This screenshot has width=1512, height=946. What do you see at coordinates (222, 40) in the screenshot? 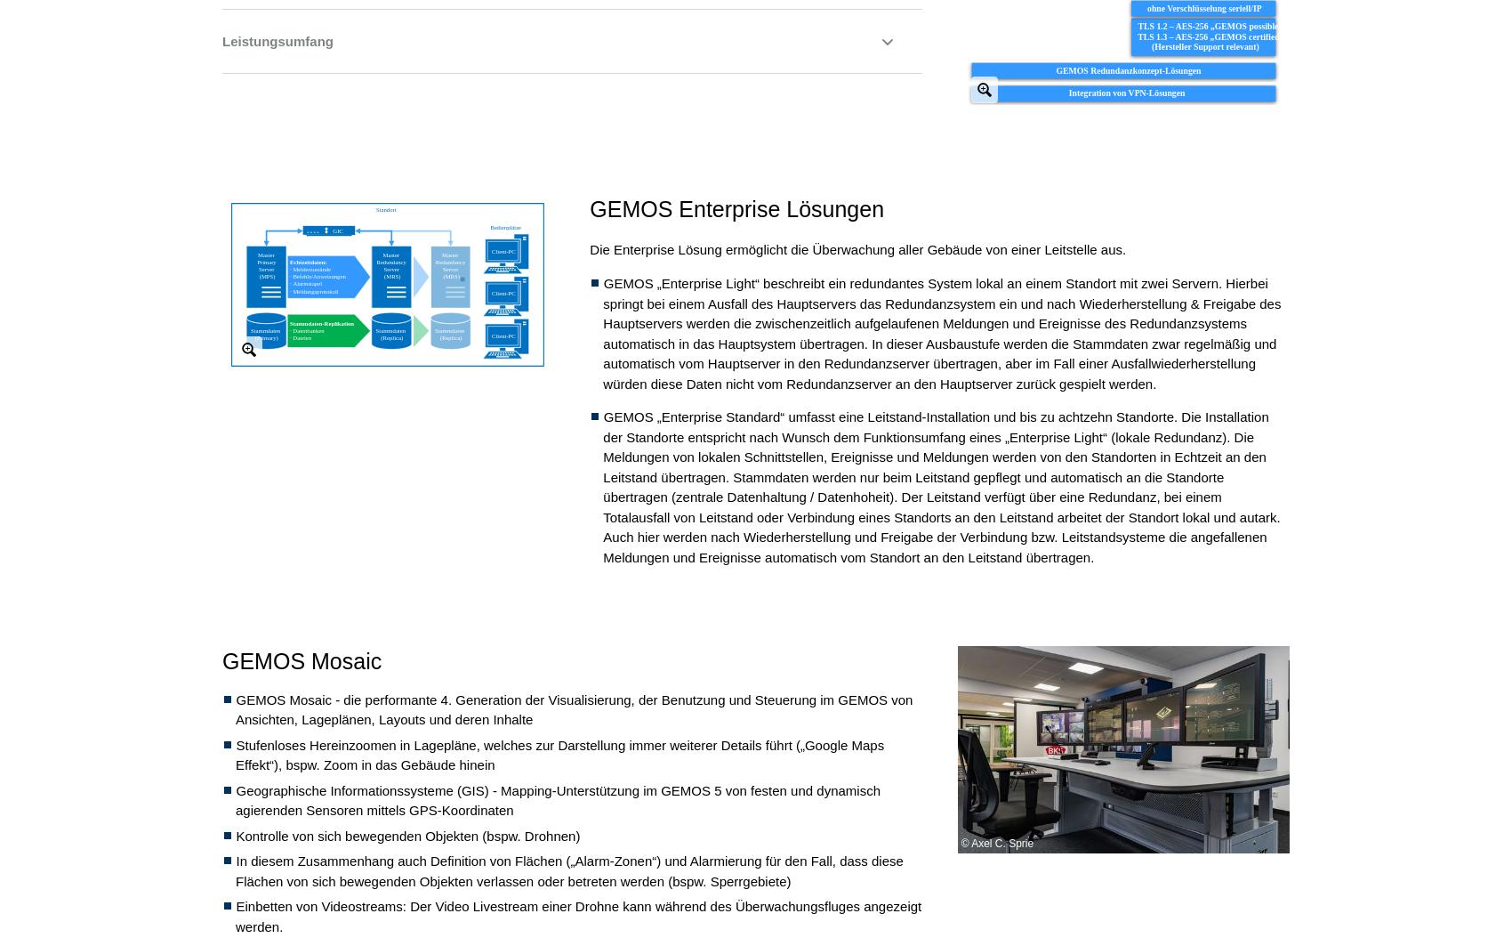
I see `'Leistungsumfang'` at bounding box center [222, 40].